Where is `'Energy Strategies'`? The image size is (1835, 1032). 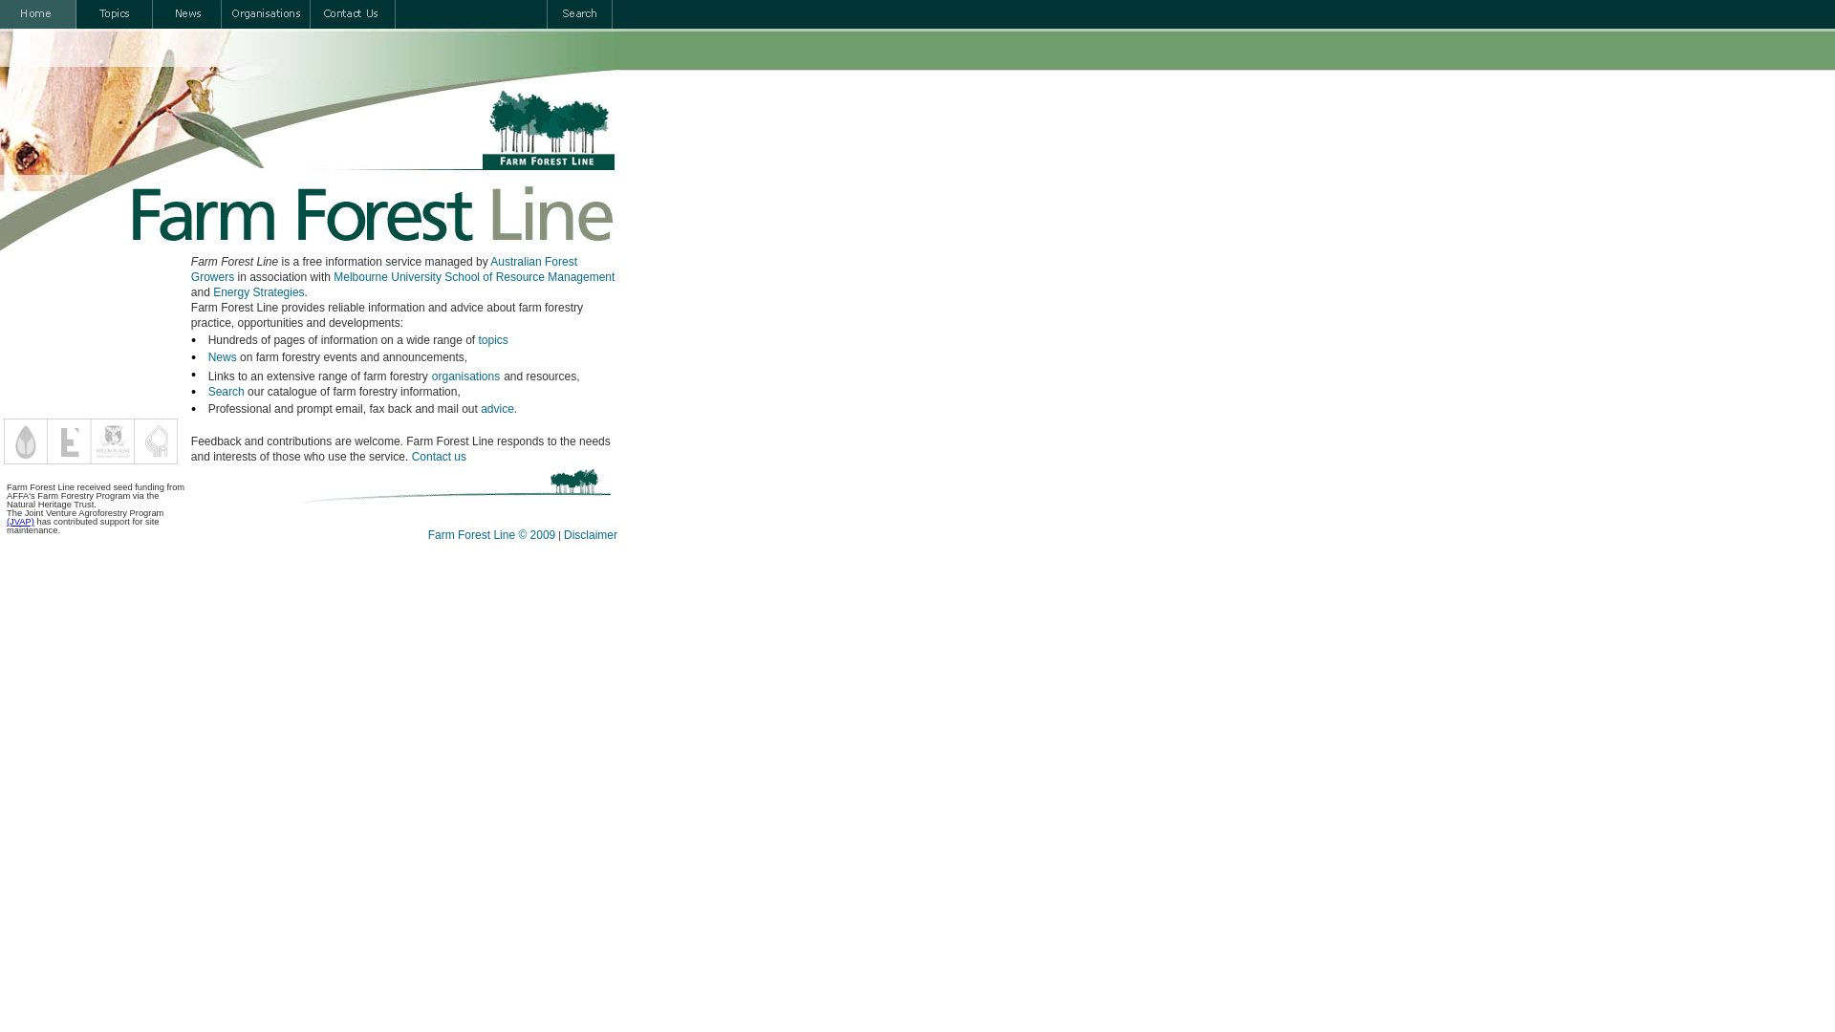 'Energy Strategies' is located at coordinates (257, 291).